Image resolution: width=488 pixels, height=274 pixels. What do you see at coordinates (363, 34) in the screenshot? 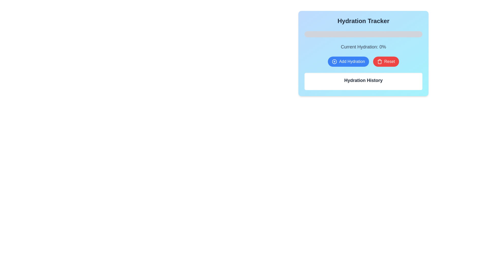
I see `the Progress bar that indicates hydration progress, currently showing 0% completion, located under the 'Hydration Tracker' title` at bounding box center [363, 34].